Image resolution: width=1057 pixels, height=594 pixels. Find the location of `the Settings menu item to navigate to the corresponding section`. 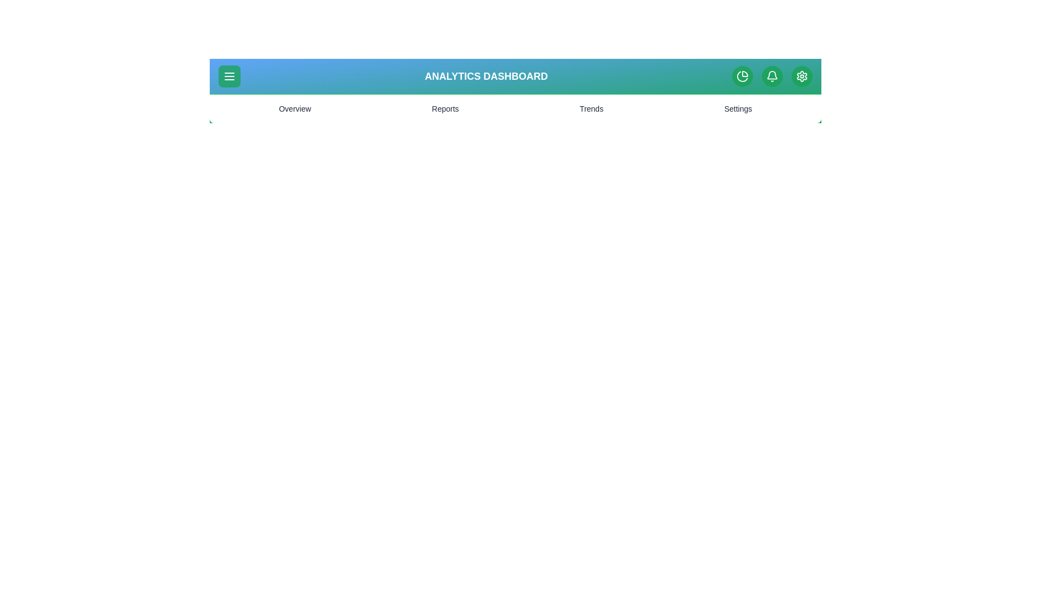

the Settings menu item to navigate to the corresponding section is located at coordinates (738, 108).